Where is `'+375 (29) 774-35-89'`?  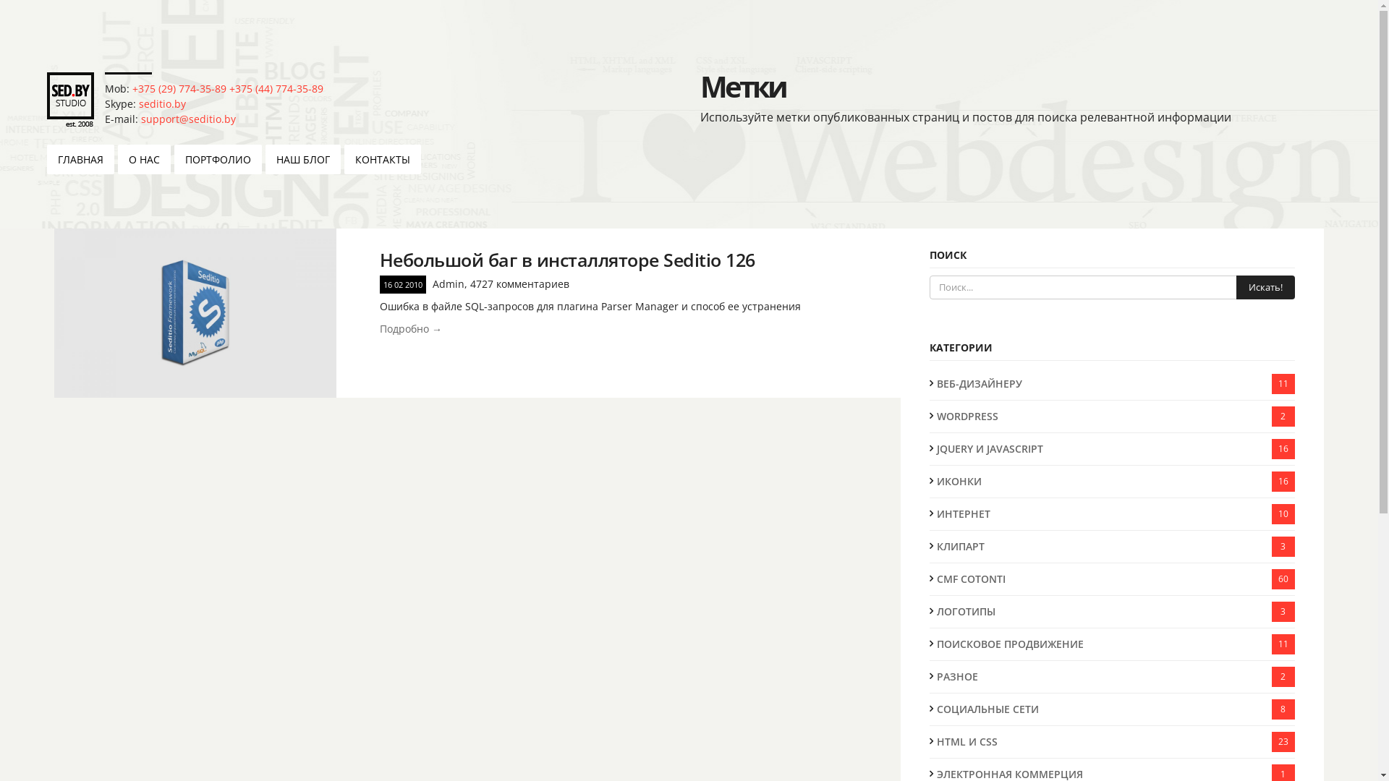
'+375 (29) 774-35-89' is located at coordinates (179, 88).